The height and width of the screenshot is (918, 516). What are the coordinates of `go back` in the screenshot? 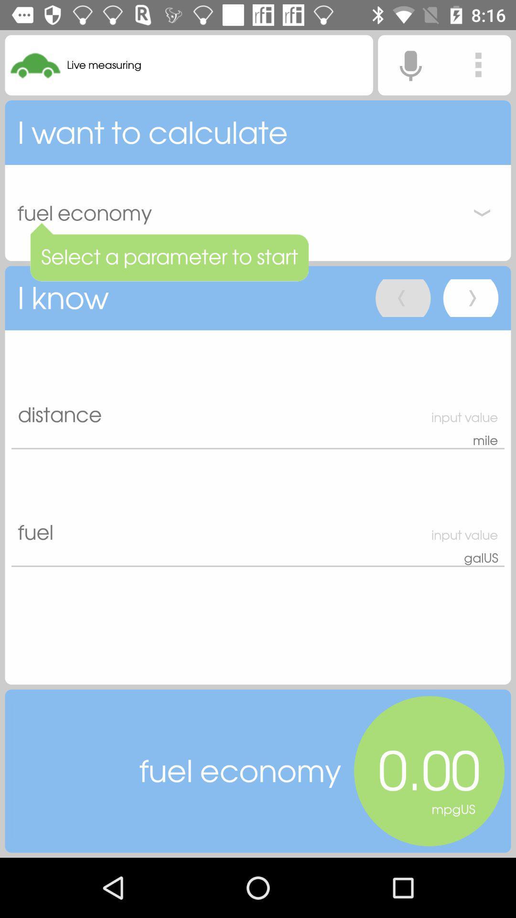 It's located at (403, 297).